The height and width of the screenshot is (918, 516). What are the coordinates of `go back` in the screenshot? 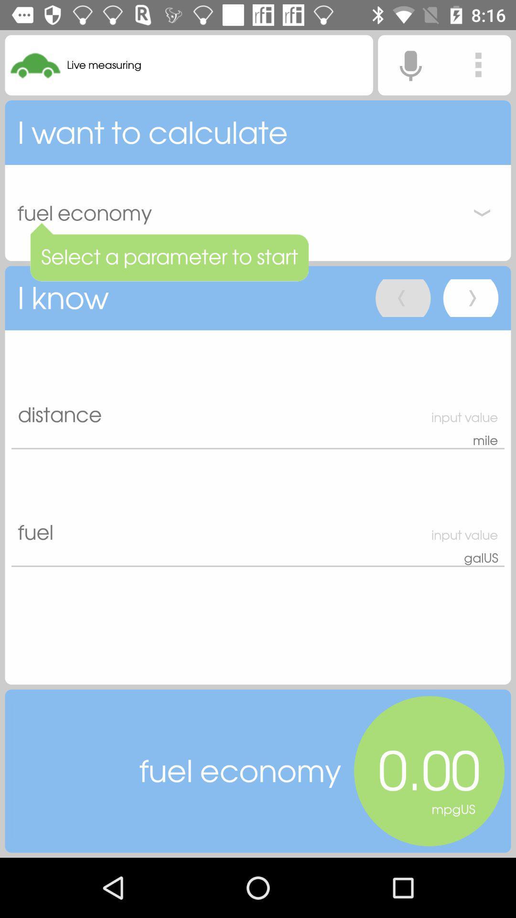 It's located at (403, 297).